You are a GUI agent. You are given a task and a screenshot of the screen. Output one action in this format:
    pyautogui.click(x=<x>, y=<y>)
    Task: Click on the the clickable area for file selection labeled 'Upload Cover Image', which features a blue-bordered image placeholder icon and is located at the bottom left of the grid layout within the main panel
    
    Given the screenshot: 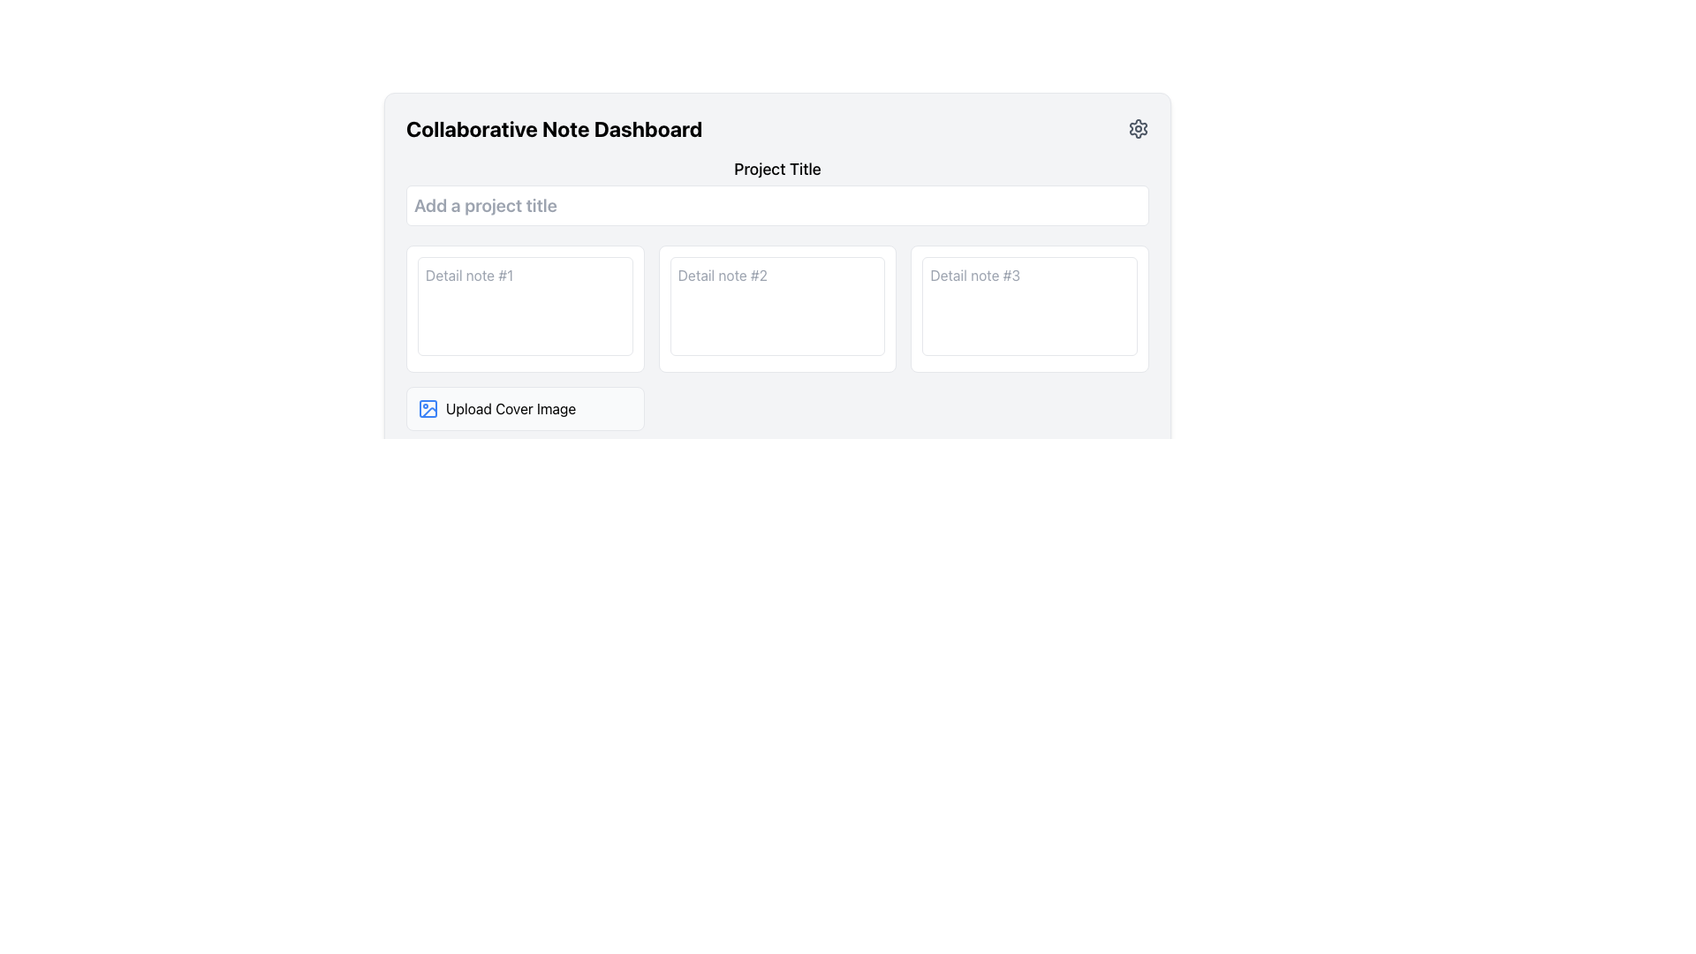 What is the action you would take?
    pyautogui.click(x=524, y=408)
    